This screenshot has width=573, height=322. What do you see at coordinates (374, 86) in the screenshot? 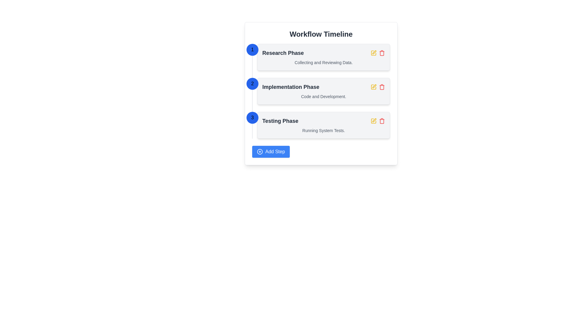
I see `the small icon button representing an editing function, located within the task item row labeled 'Implementation Phase'` at bounding box center [374, 86].